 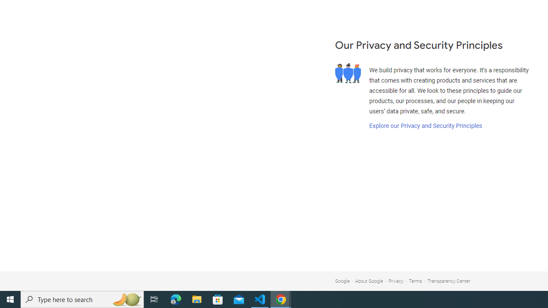 What do you see at coordinates (448, 281) in the screenshot?
I see `'Transparency Center'` at bounding box center [448, 281].